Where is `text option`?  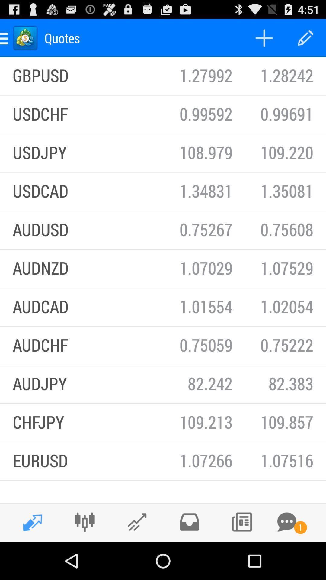
text option is located at coordinates (286, 522).